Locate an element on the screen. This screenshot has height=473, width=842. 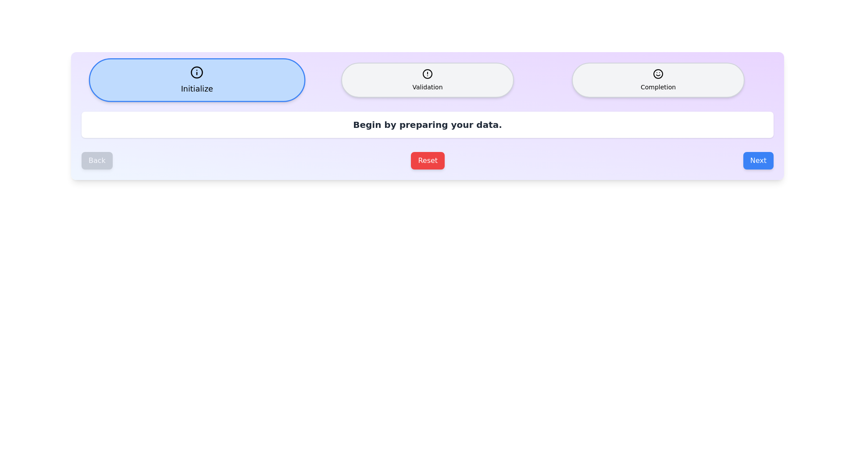
the step icon for Completion to display its information is located at coordinates (658, 80).